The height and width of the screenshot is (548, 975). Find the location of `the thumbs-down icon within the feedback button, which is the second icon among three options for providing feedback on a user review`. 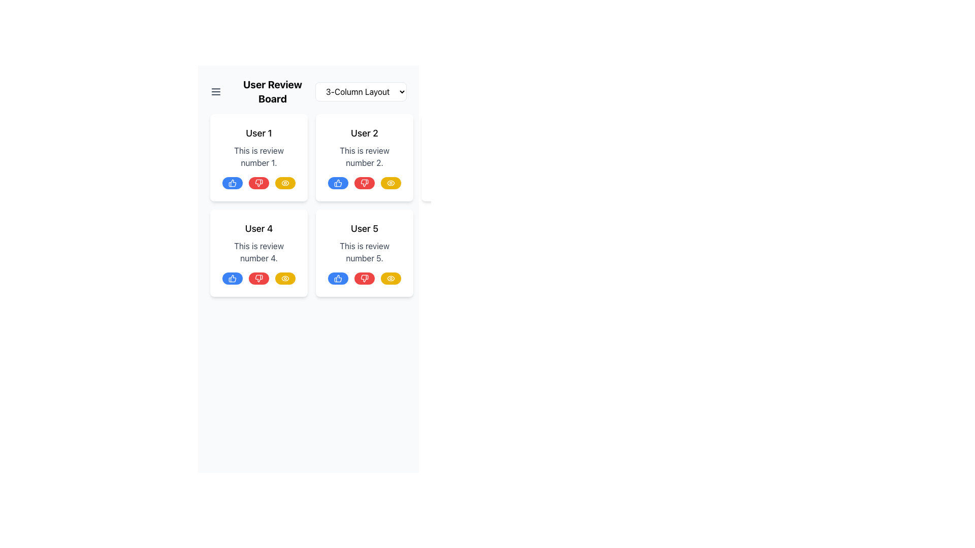

the thumbs-down icon within the feedback button, which is the second icon among three options for providing feedback on a user review is located at coordinates (258, 183).